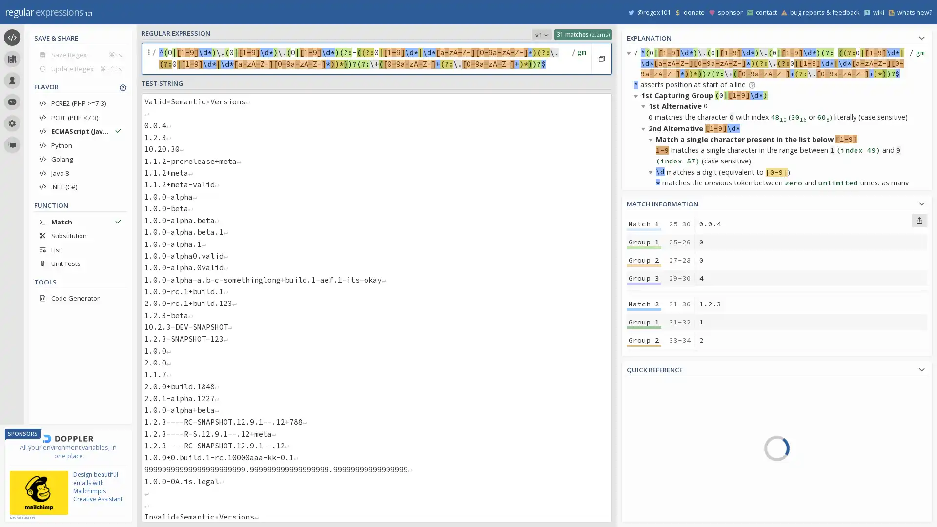 The width and height of the screenshot is (937, 527). I want to click on Collapse Subtree, so click(645, 371).